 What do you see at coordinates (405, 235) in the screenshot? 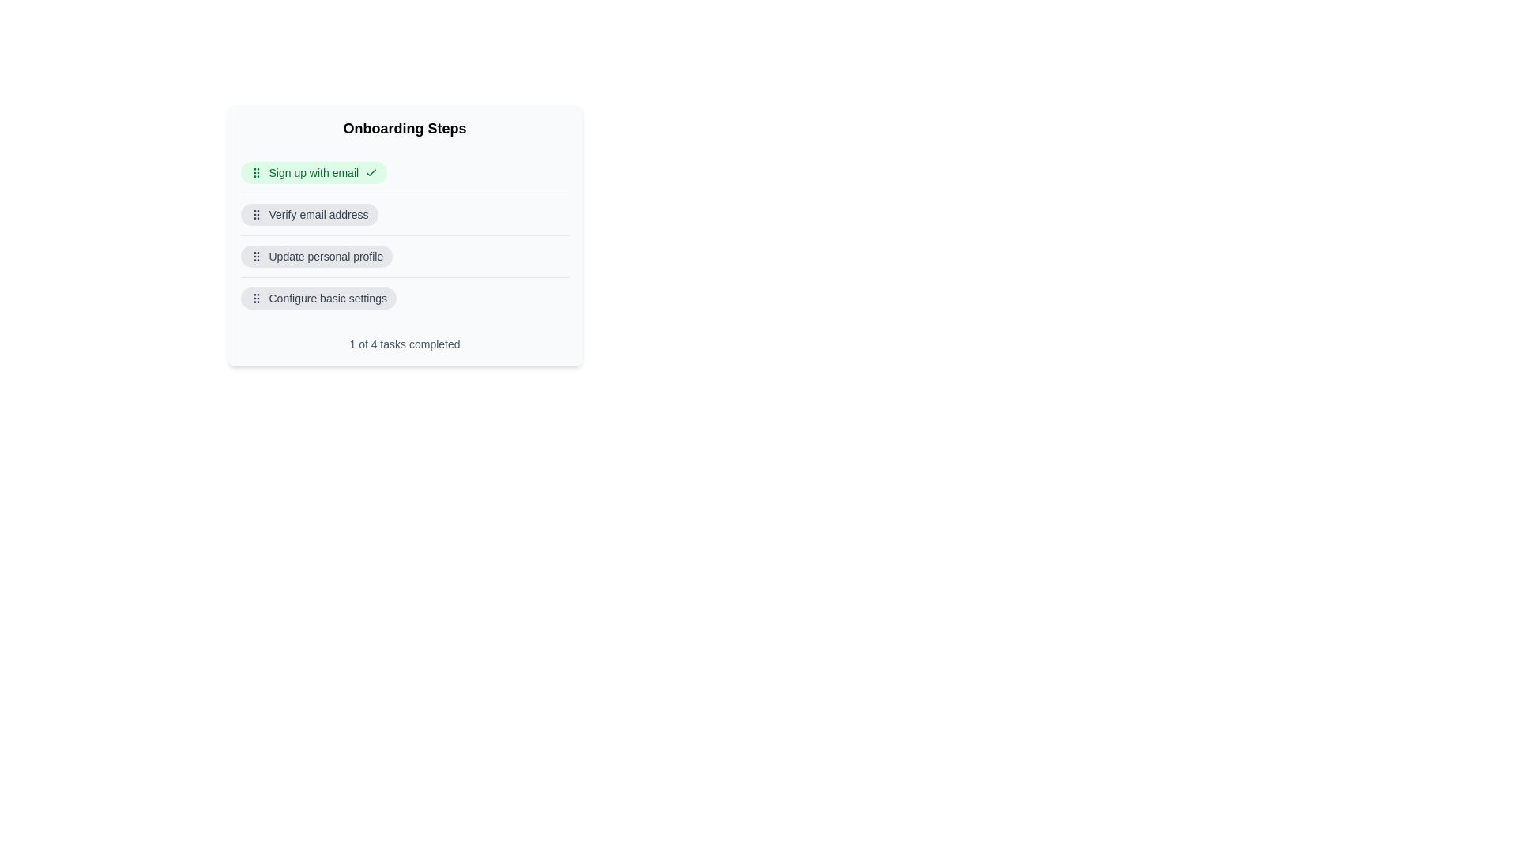
I see `the list item displaying the task 'Verify email address' in the onboarding process to view its details` at bounding box center [405, 235].